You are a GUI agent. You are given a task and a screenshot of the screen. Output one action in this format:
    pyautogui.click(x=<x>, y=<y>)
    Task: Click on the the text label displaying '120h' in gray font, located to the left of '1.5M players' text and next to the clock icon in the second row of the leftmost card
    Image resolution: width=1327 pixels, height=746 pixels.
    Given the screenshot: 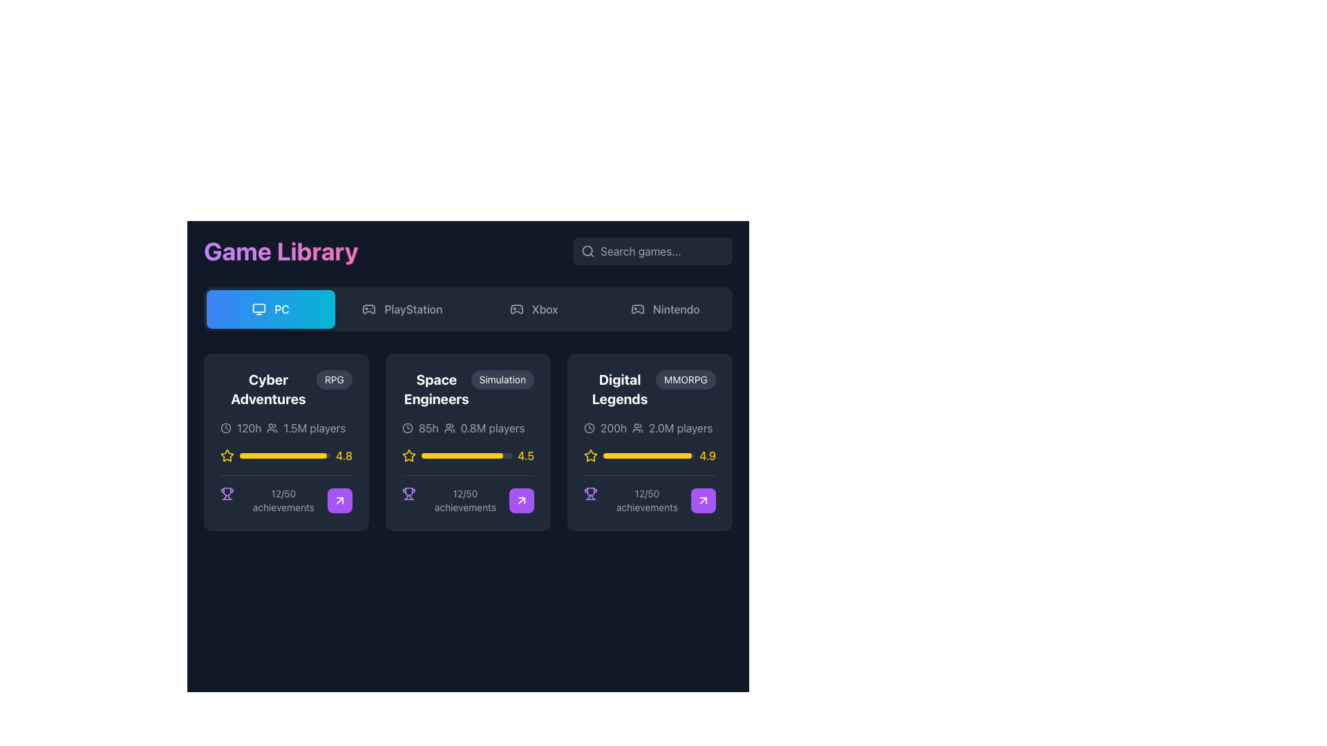 What is the action you would take?
    pyautogui.click(x=249, y=428)
    